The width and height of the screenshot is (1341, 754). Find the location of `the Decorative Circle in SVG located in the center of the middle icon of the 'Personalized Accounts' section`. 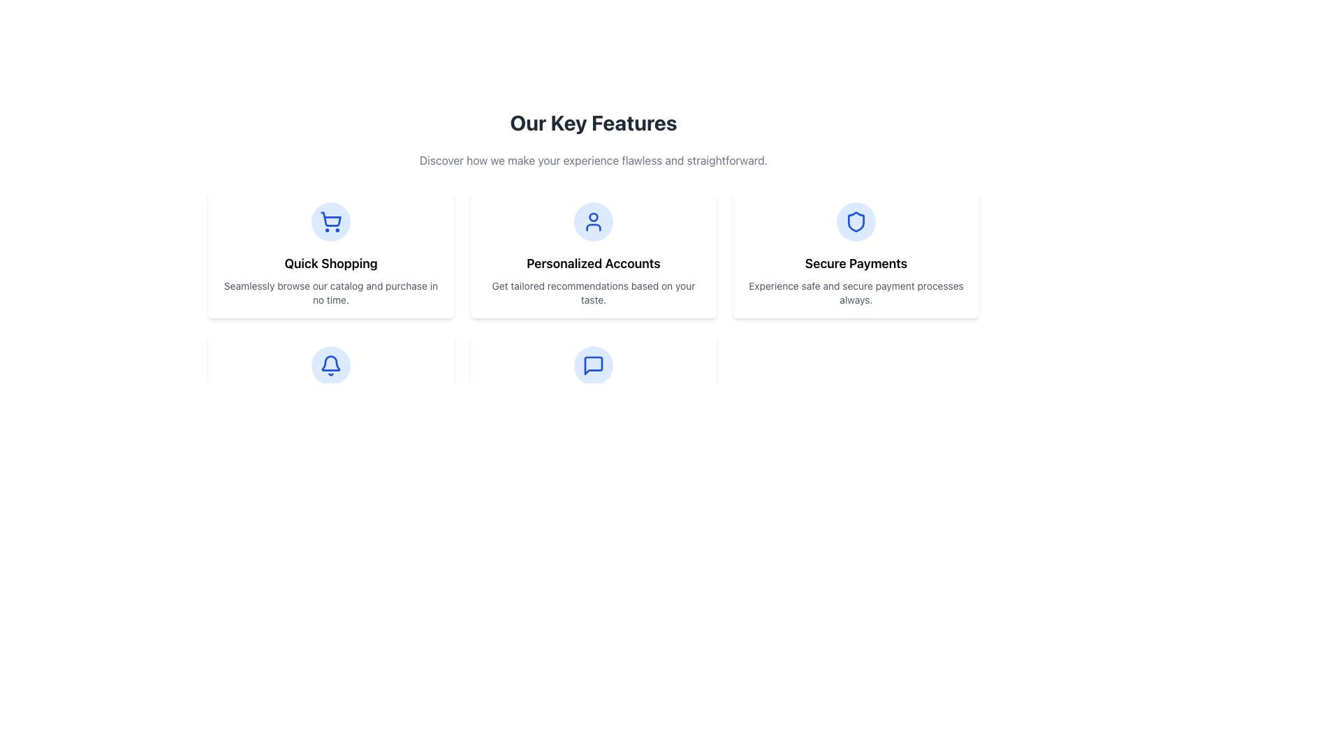

the Decorative Circle in SVG located in the center of the middle icon of the 'Personalized Accounts' section is located at coordinates (593, 217).